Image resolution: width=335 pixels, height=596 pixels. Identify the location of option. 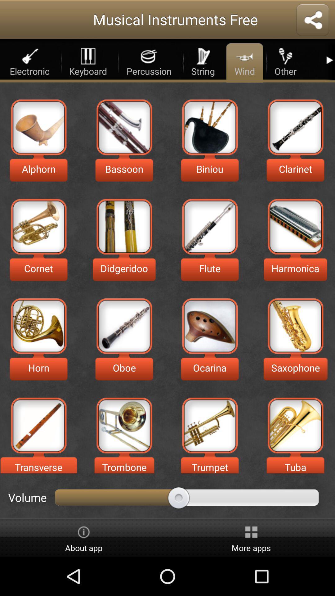
(38, 425).